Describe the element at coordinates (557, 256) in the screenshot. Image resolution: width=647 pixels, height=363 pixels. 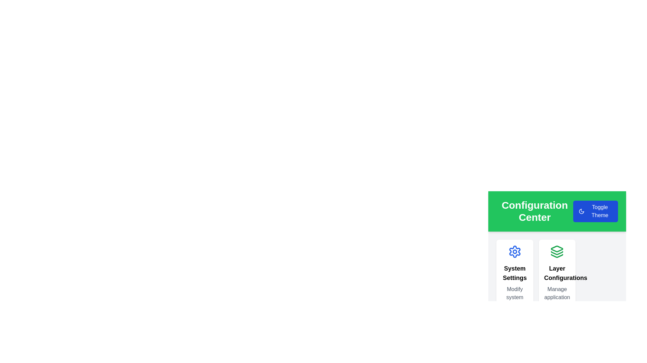
I see `the third graphical icon component (SVG) in the 'Layer Configurations' section of the 'Configuration Center' header` at that location.